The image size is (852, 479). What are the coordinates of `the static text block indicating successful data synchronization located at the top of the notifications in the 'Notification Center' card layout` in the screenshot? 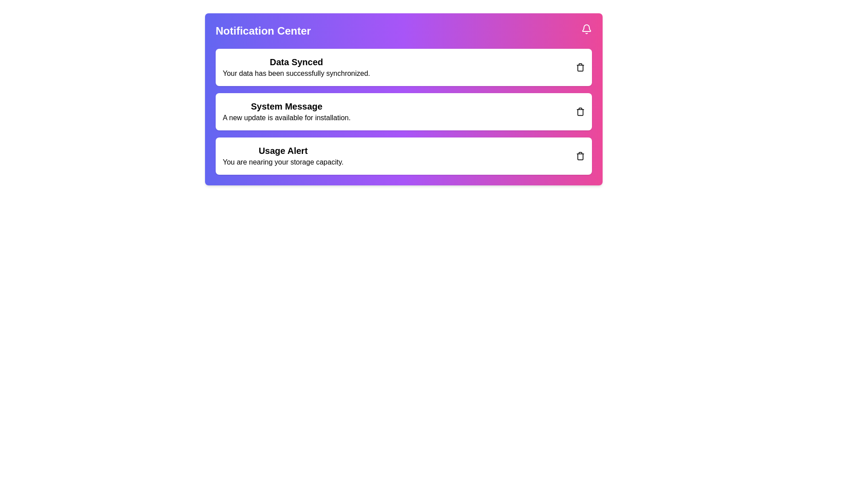 It's located at (296, 67).